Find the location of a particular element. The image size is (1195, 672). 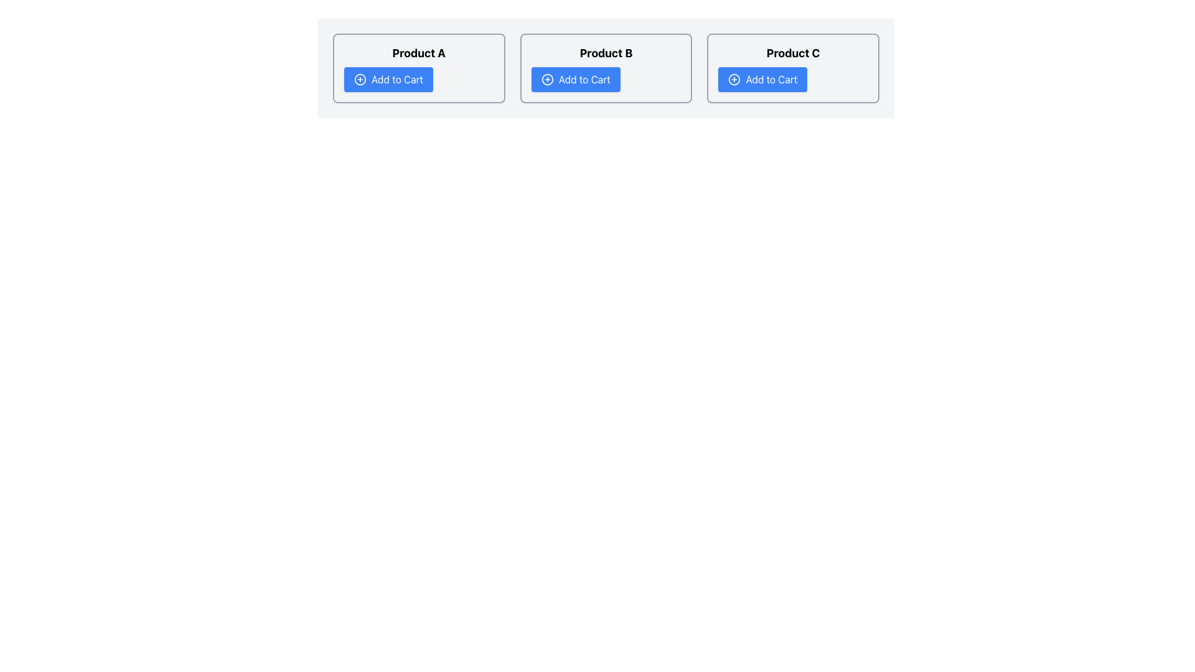

the circular icon with a blue background and white plus sign, which is located to the left of the 'Add to Cart' button is located at coordinates (360, 79).